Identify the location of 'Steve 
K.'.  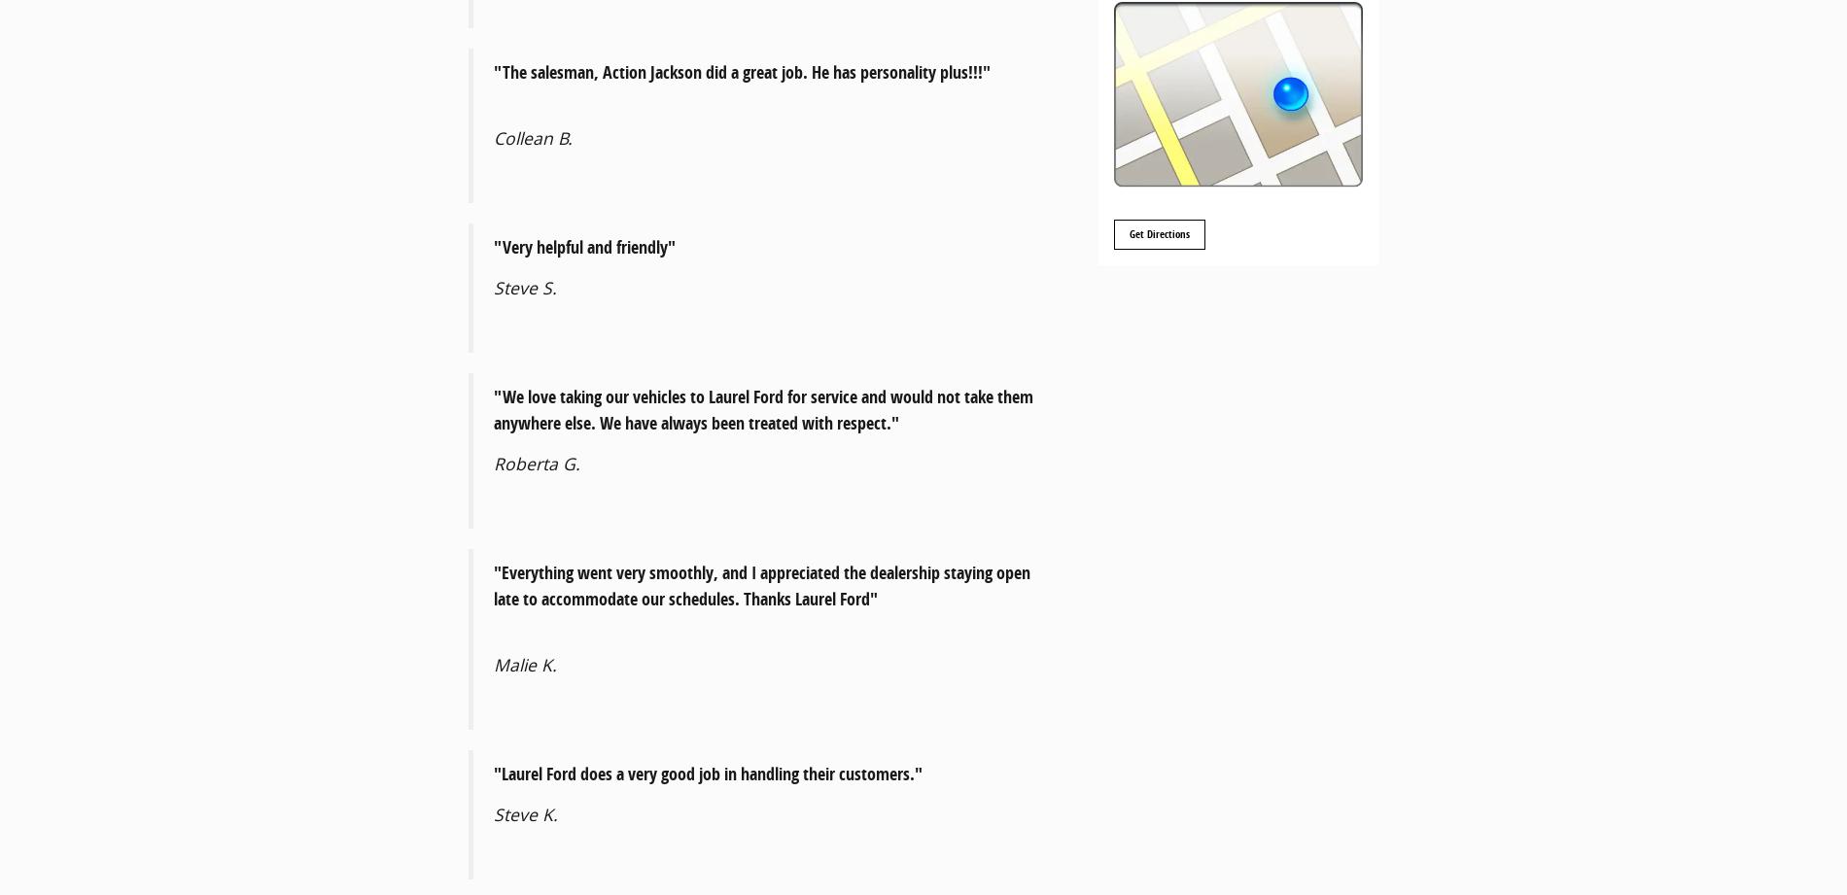
(525, 813).